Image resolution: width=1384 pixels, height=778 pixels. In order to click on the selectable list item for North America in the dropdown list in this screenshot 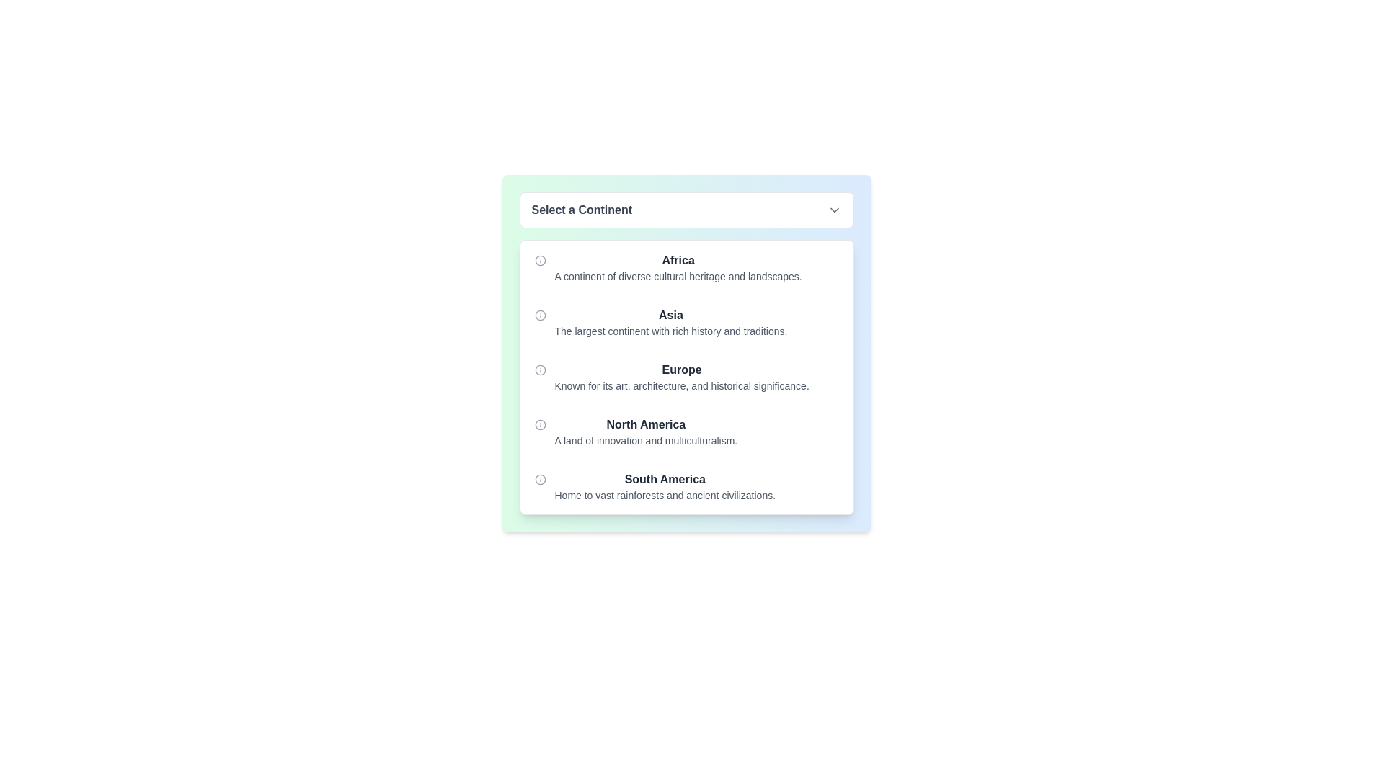, I will do `click(645, 432)`.